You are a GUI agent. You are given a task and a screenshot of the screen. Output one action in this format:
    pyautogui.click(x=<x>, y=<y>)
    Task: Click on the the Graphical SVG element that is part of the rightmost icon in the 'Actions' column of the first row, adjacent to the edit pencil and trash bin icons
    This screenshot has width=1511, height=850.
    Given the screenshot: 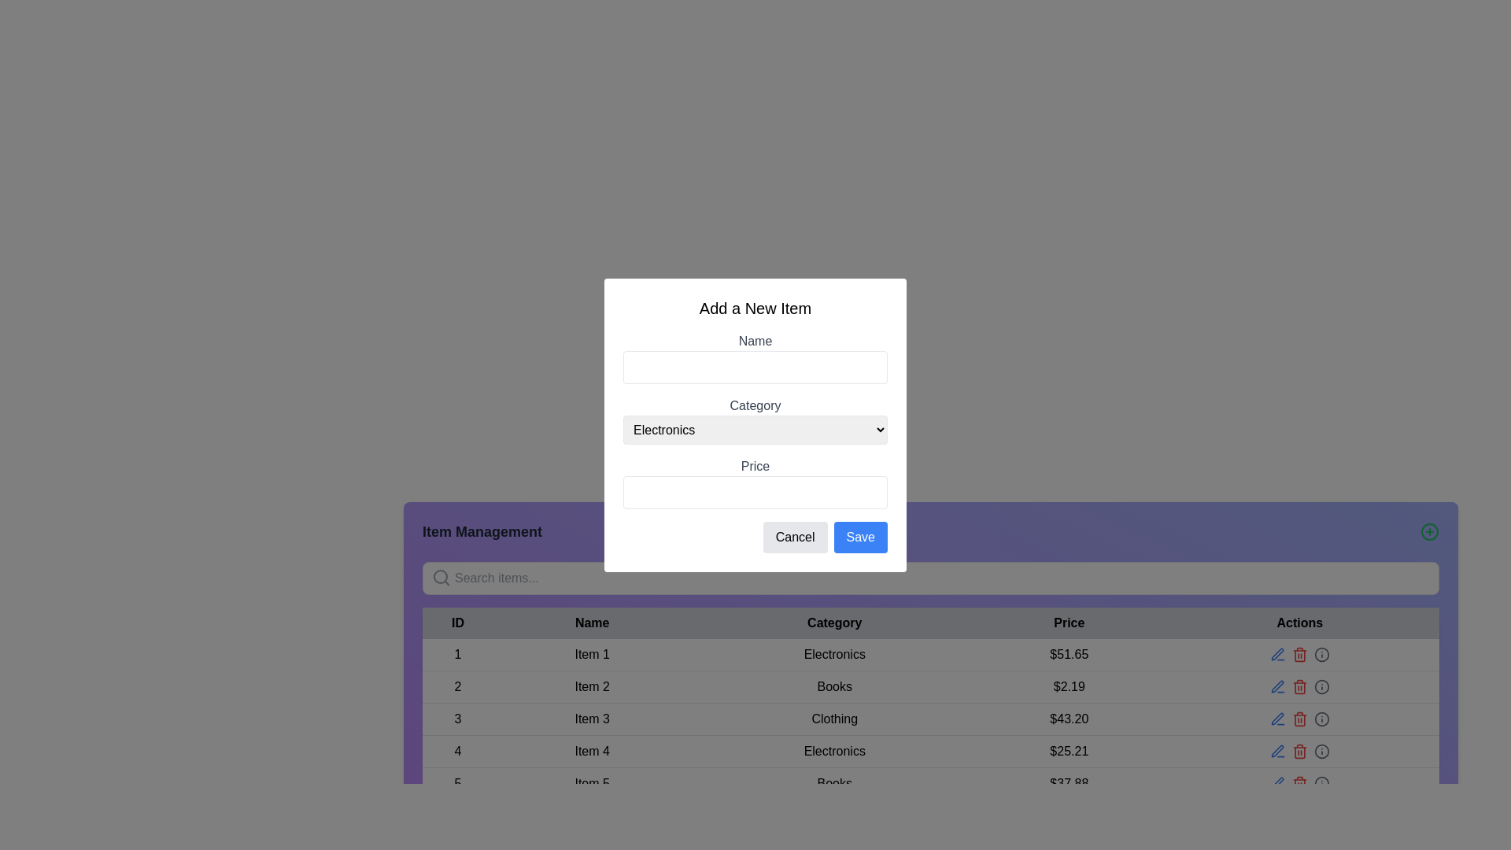 What is the action you would take?
    pyautogui.click(x=1321, y=655)
    